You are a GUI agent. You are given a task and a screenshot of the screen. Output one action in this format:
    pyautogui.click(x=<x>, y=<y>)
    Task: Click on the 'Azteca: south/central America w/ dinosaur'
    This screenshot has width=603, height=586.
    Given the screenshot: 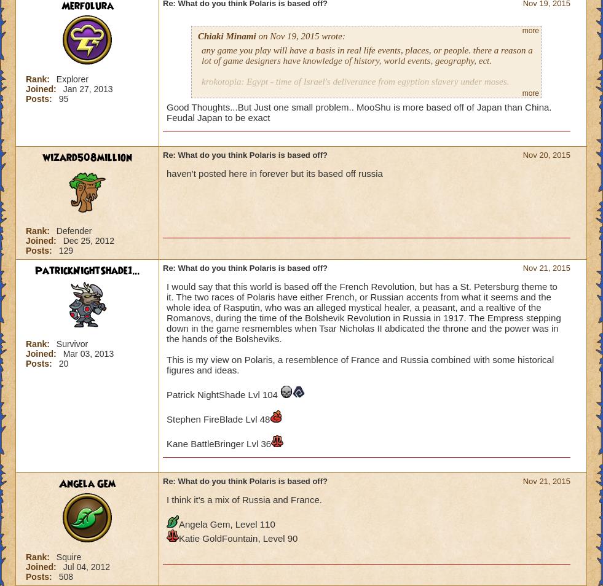 What is the action you would take?
    pyautogui.click(x=280, y=165)
    